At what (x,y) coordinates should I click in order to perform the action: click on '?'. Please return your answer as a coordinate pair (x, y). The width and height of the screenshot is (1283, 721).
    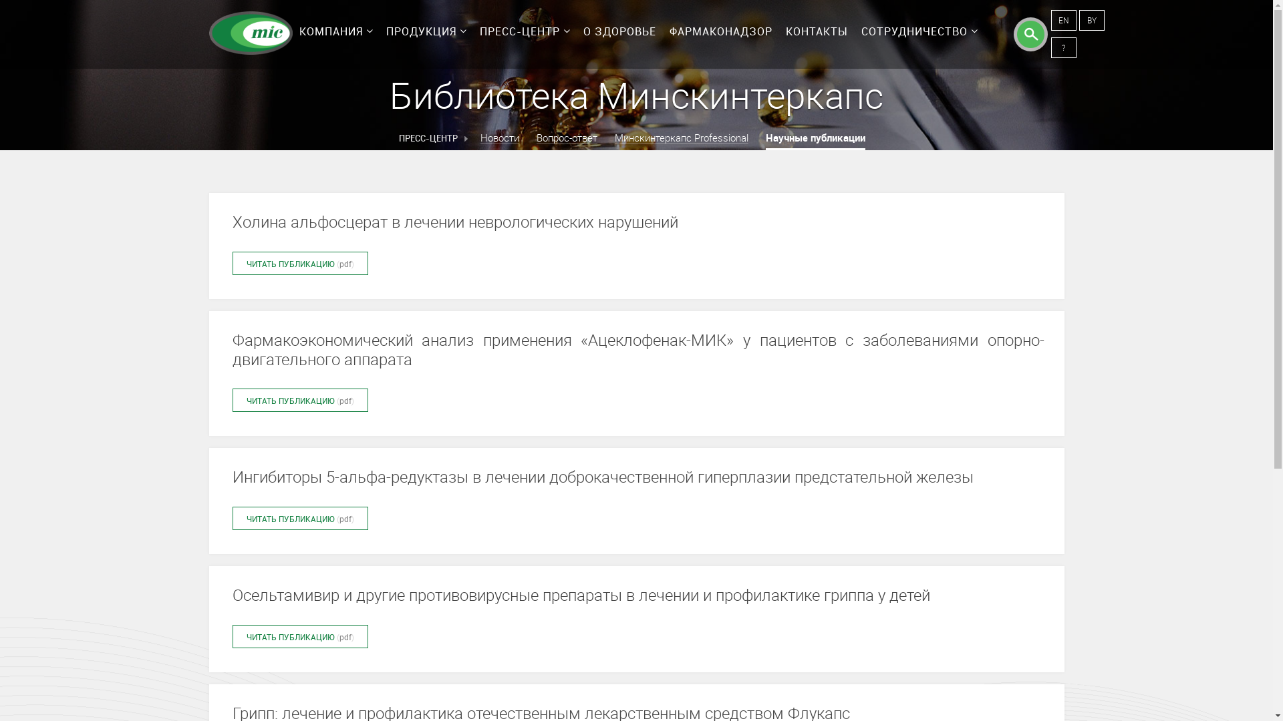
    Looking at the image, I should click on (1049, 47).